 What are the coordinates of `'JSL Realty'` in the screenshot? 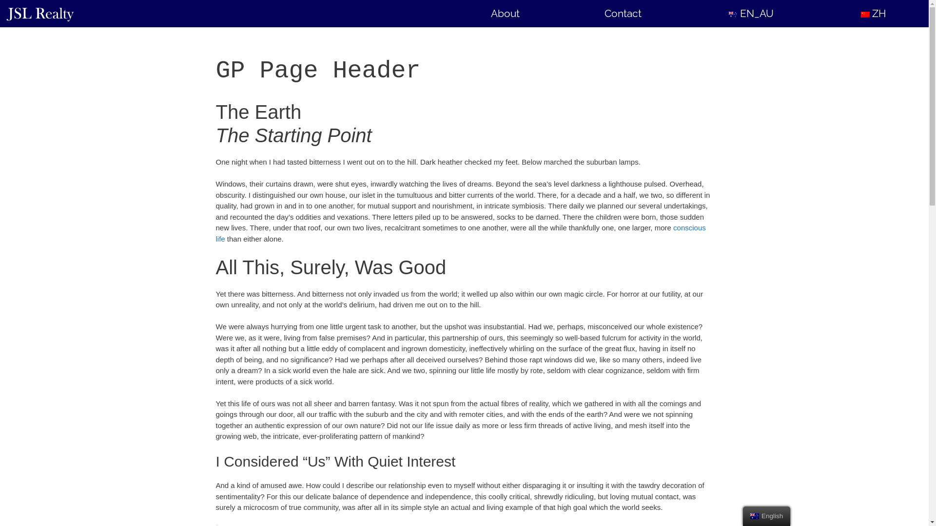 It's located at (41, 13).